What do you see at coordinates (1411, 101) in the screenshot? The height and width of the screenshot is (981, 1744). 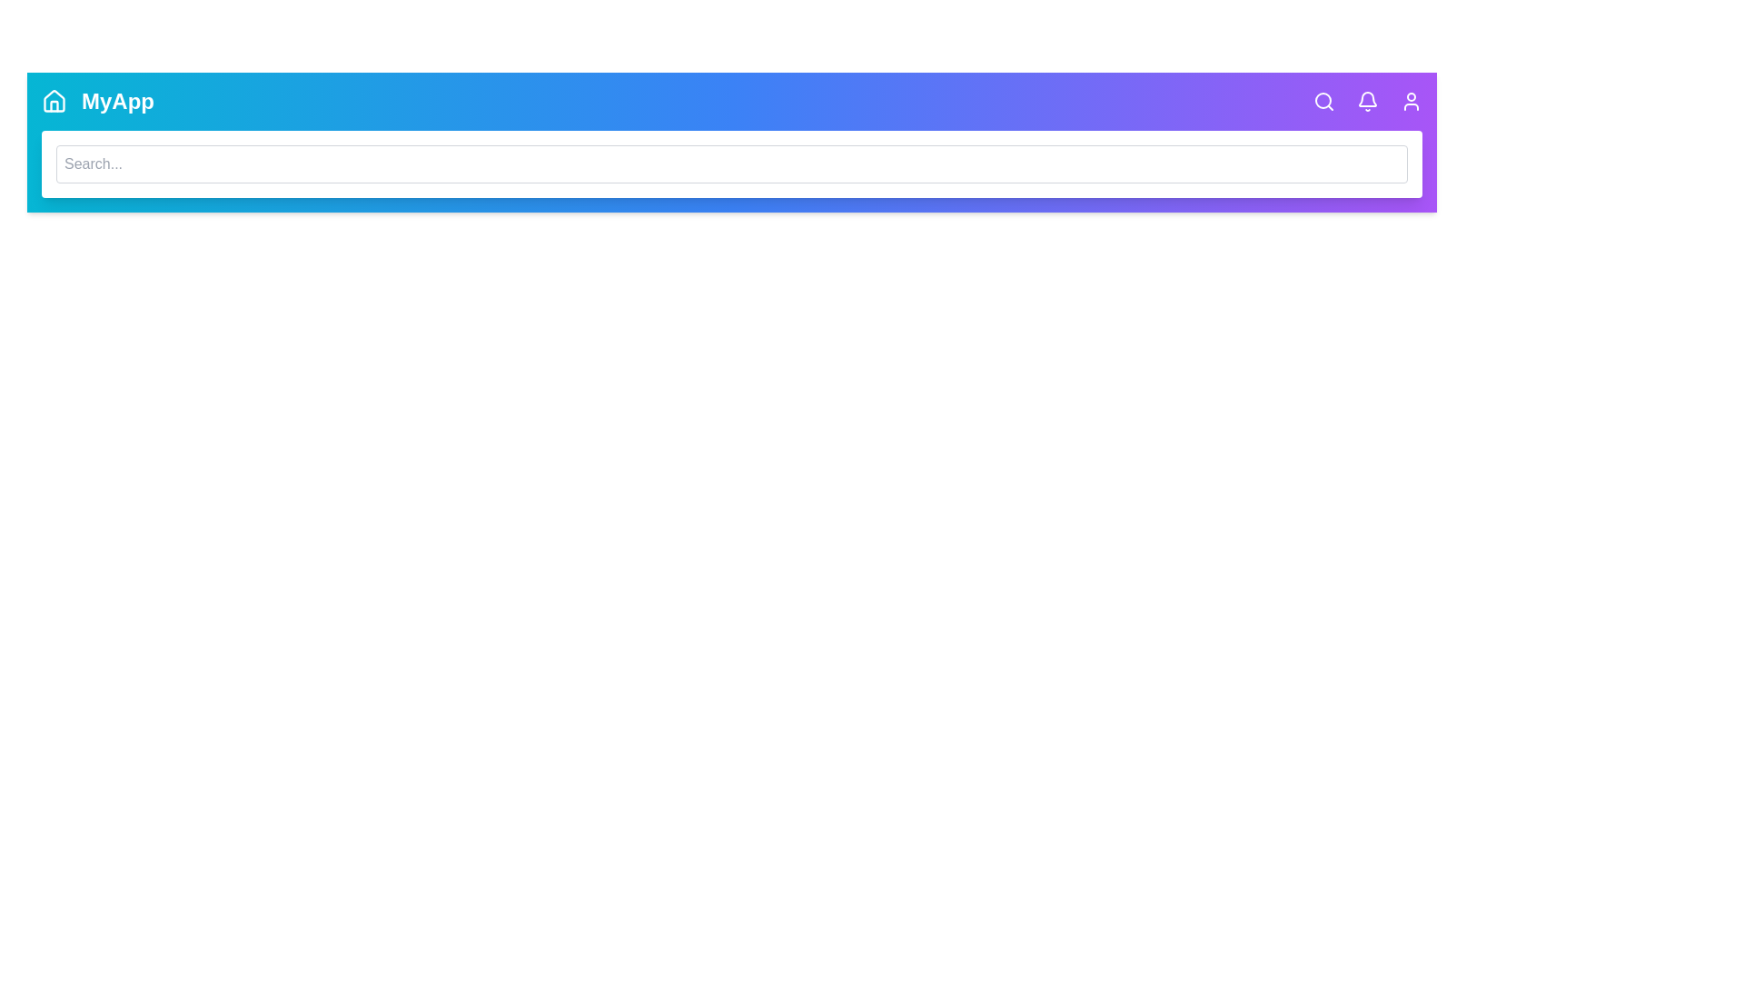 I see `the user icon to access user settings or profile options` at bounding box center [1411, 101].